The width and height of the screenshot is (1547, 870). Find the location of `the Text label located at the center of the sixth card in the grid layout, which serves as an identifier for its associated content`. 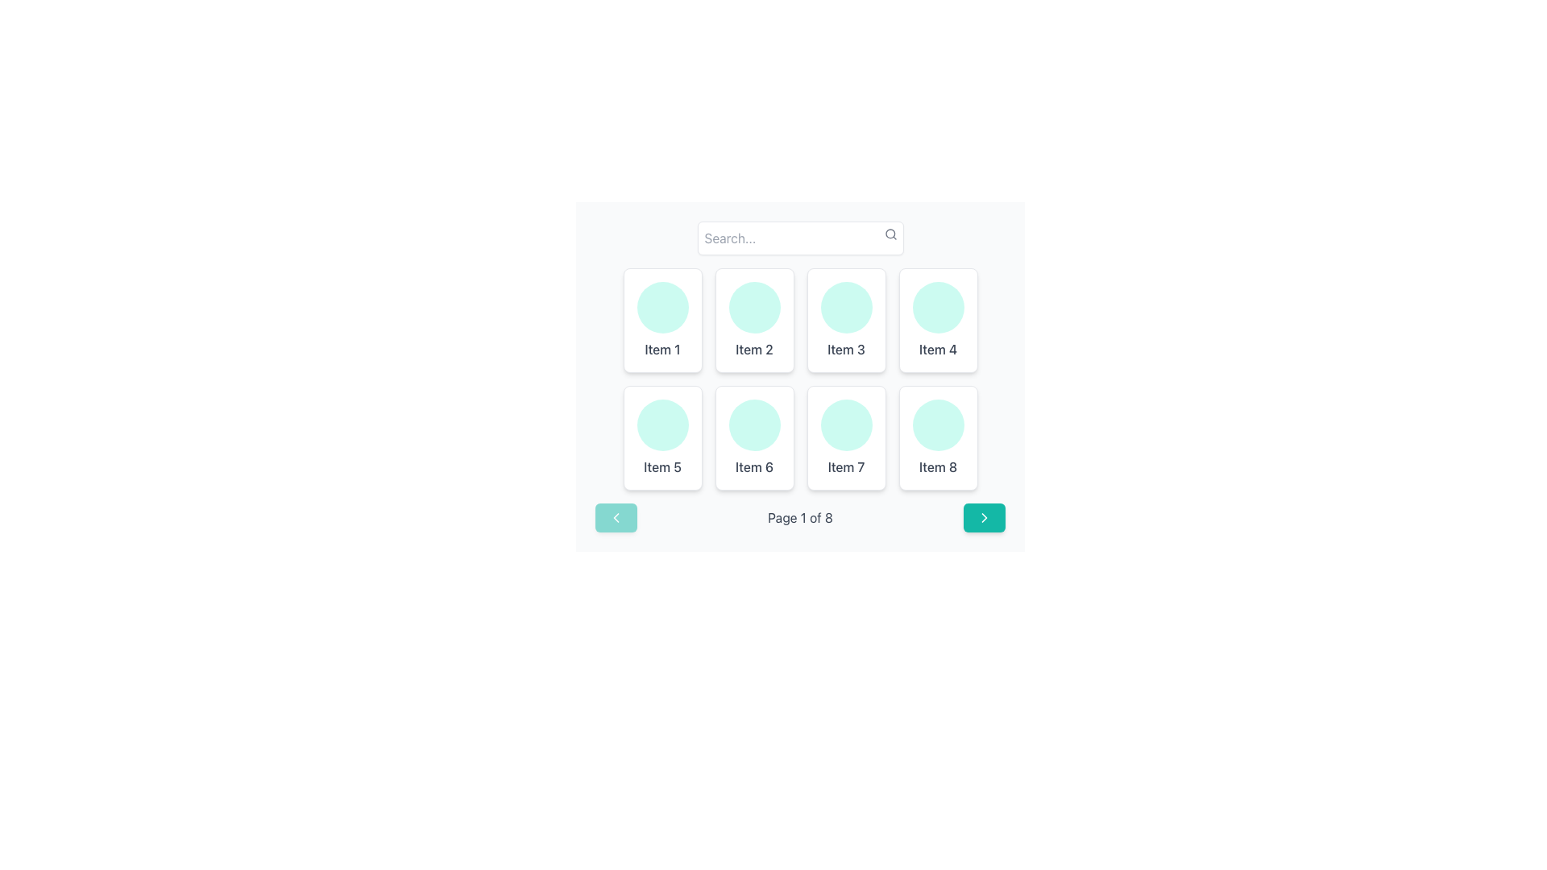

the Text label located at the center of the sixth card in the grid layout, which serves as an identifier for its associated content is located at coordinates (753, 466).